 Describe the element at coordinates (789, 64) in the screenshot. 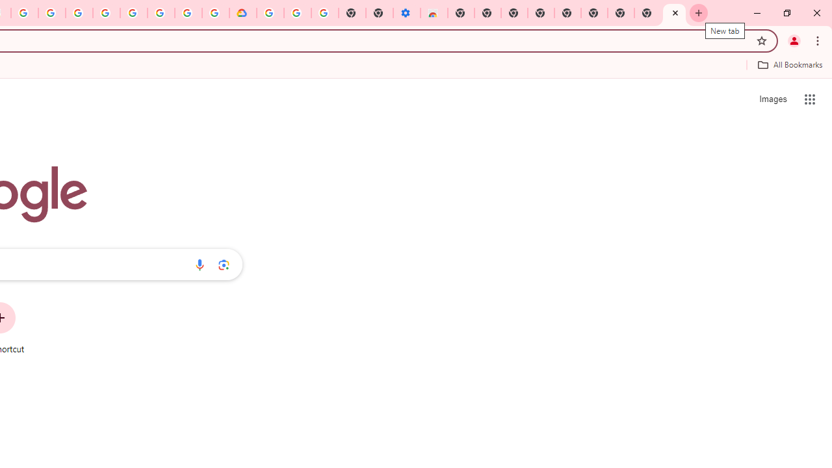

I see `'All Bookmarks'` at that location.